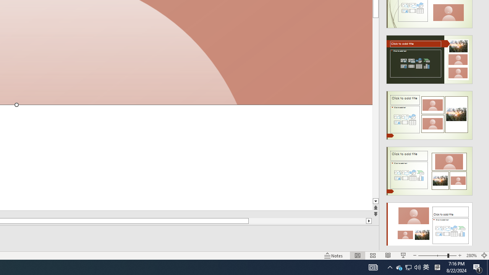 The image size is (489, 275). I want to click on 'Slide Show', so click(403, 256).